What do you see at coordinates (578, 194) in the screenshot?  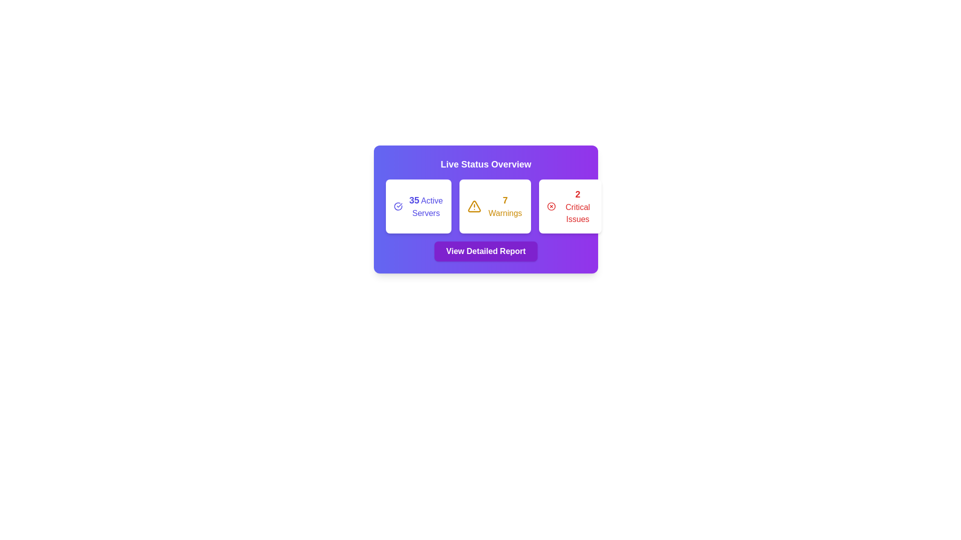 I see `displayed numeral '2' from the Text Display element, which is styled in red and indicates the count of critical issues, located above the 'Critical Issues' label` at bounding box center [578, 194].